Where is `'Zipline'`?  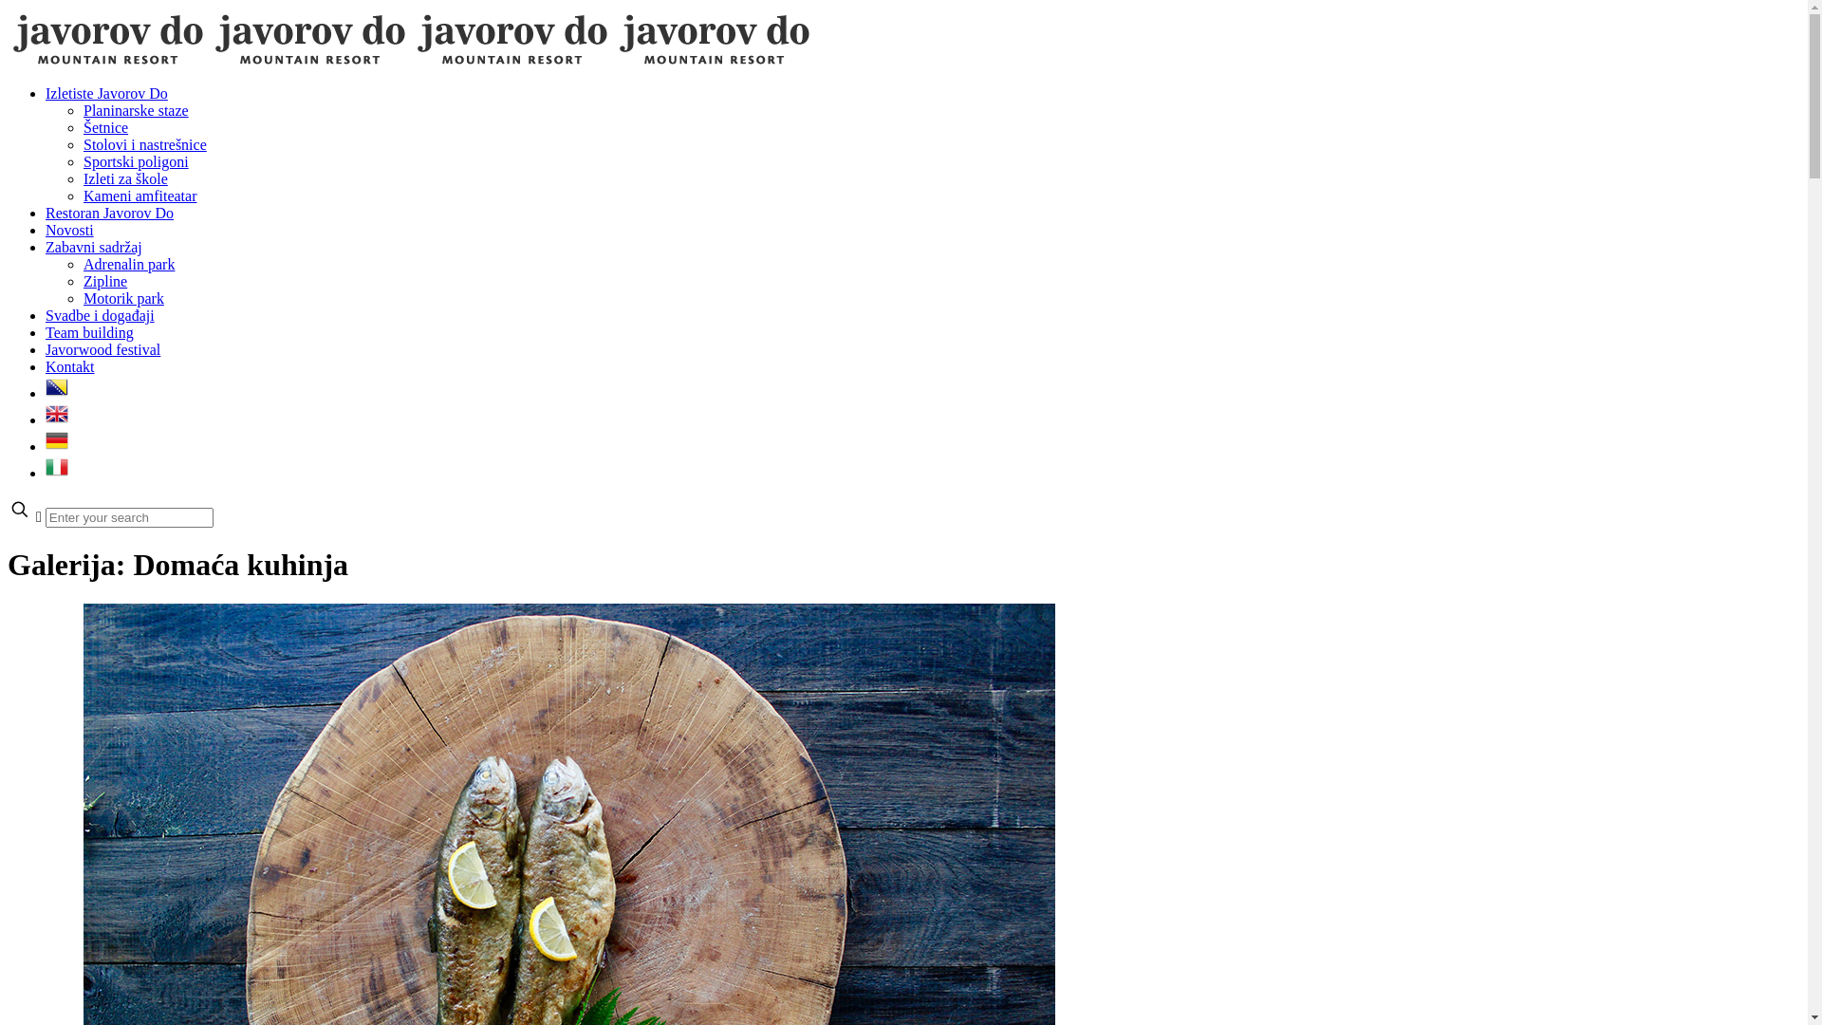
'Zipline' is located at coordinates (103, 281).